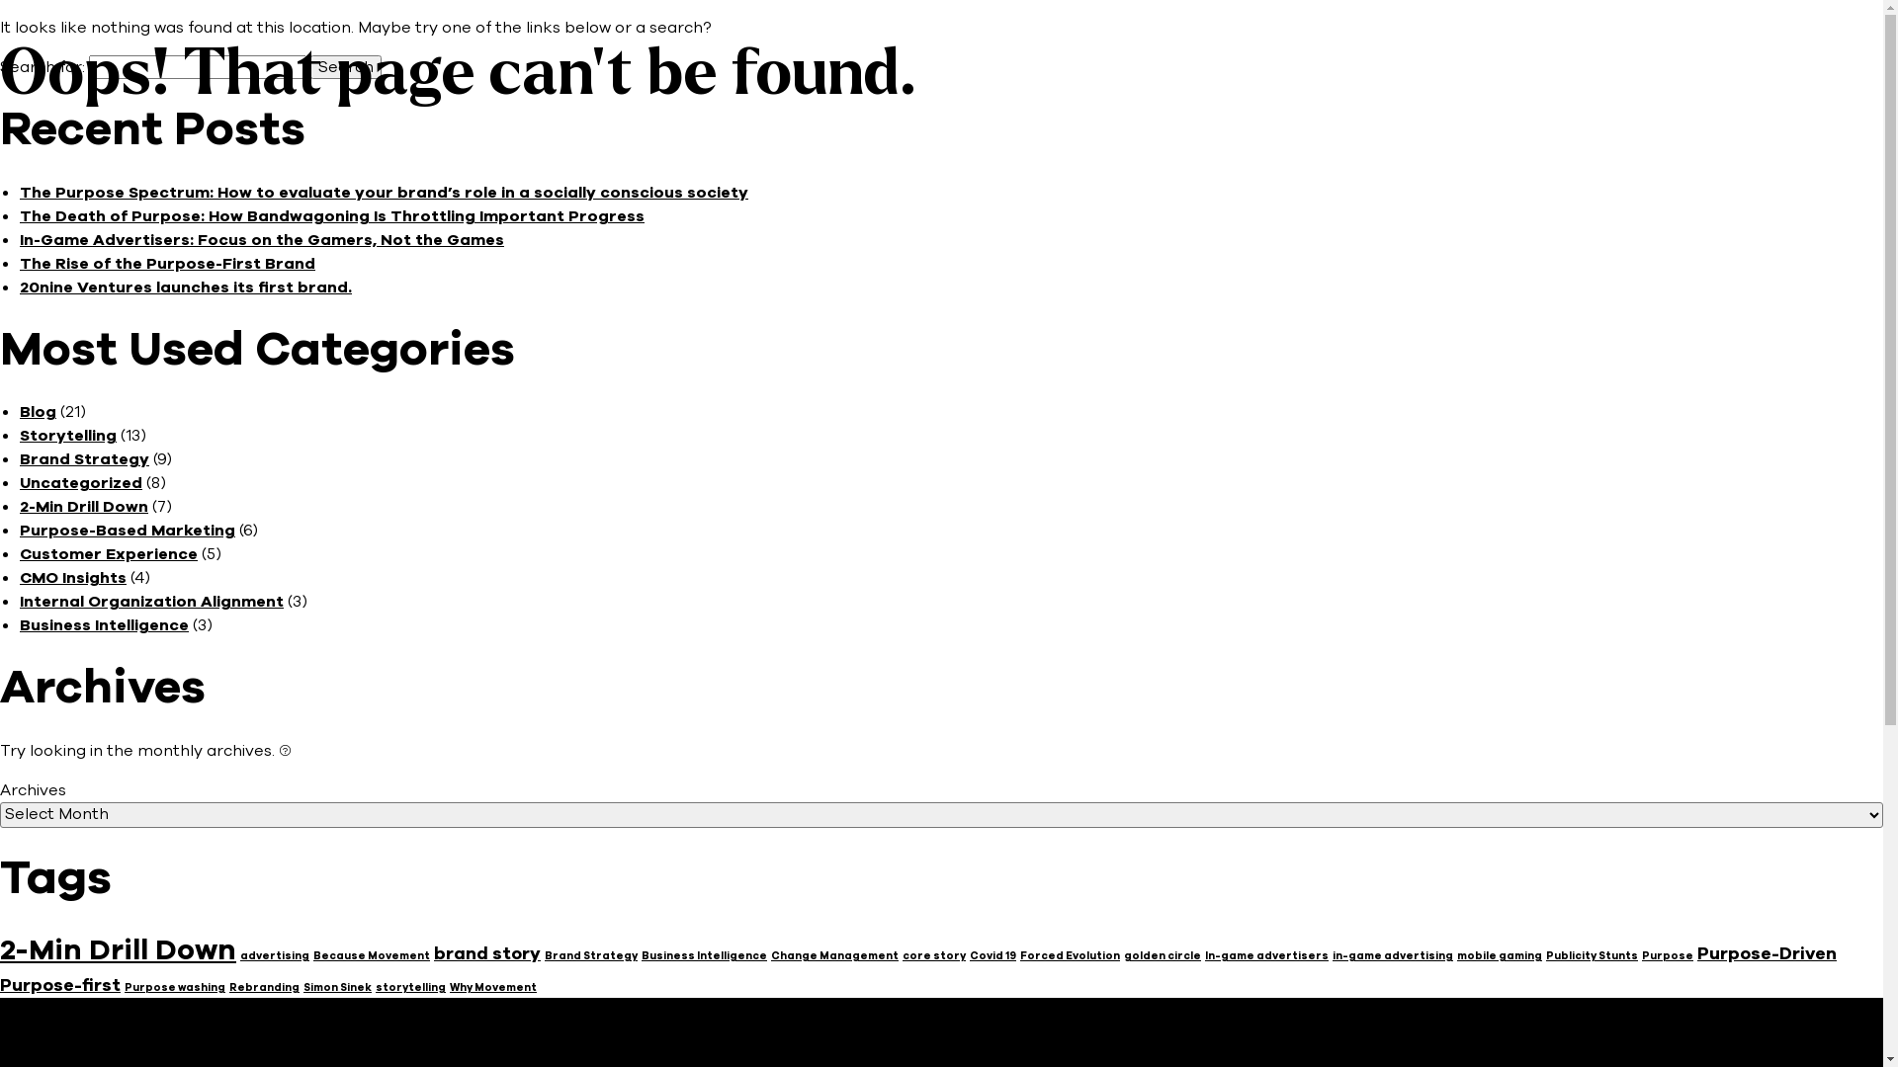  What do you see at coordinates (1767, 951) in the screenshot?
I see `'Purpose-Driven'` at bounding box center [1767, 951].